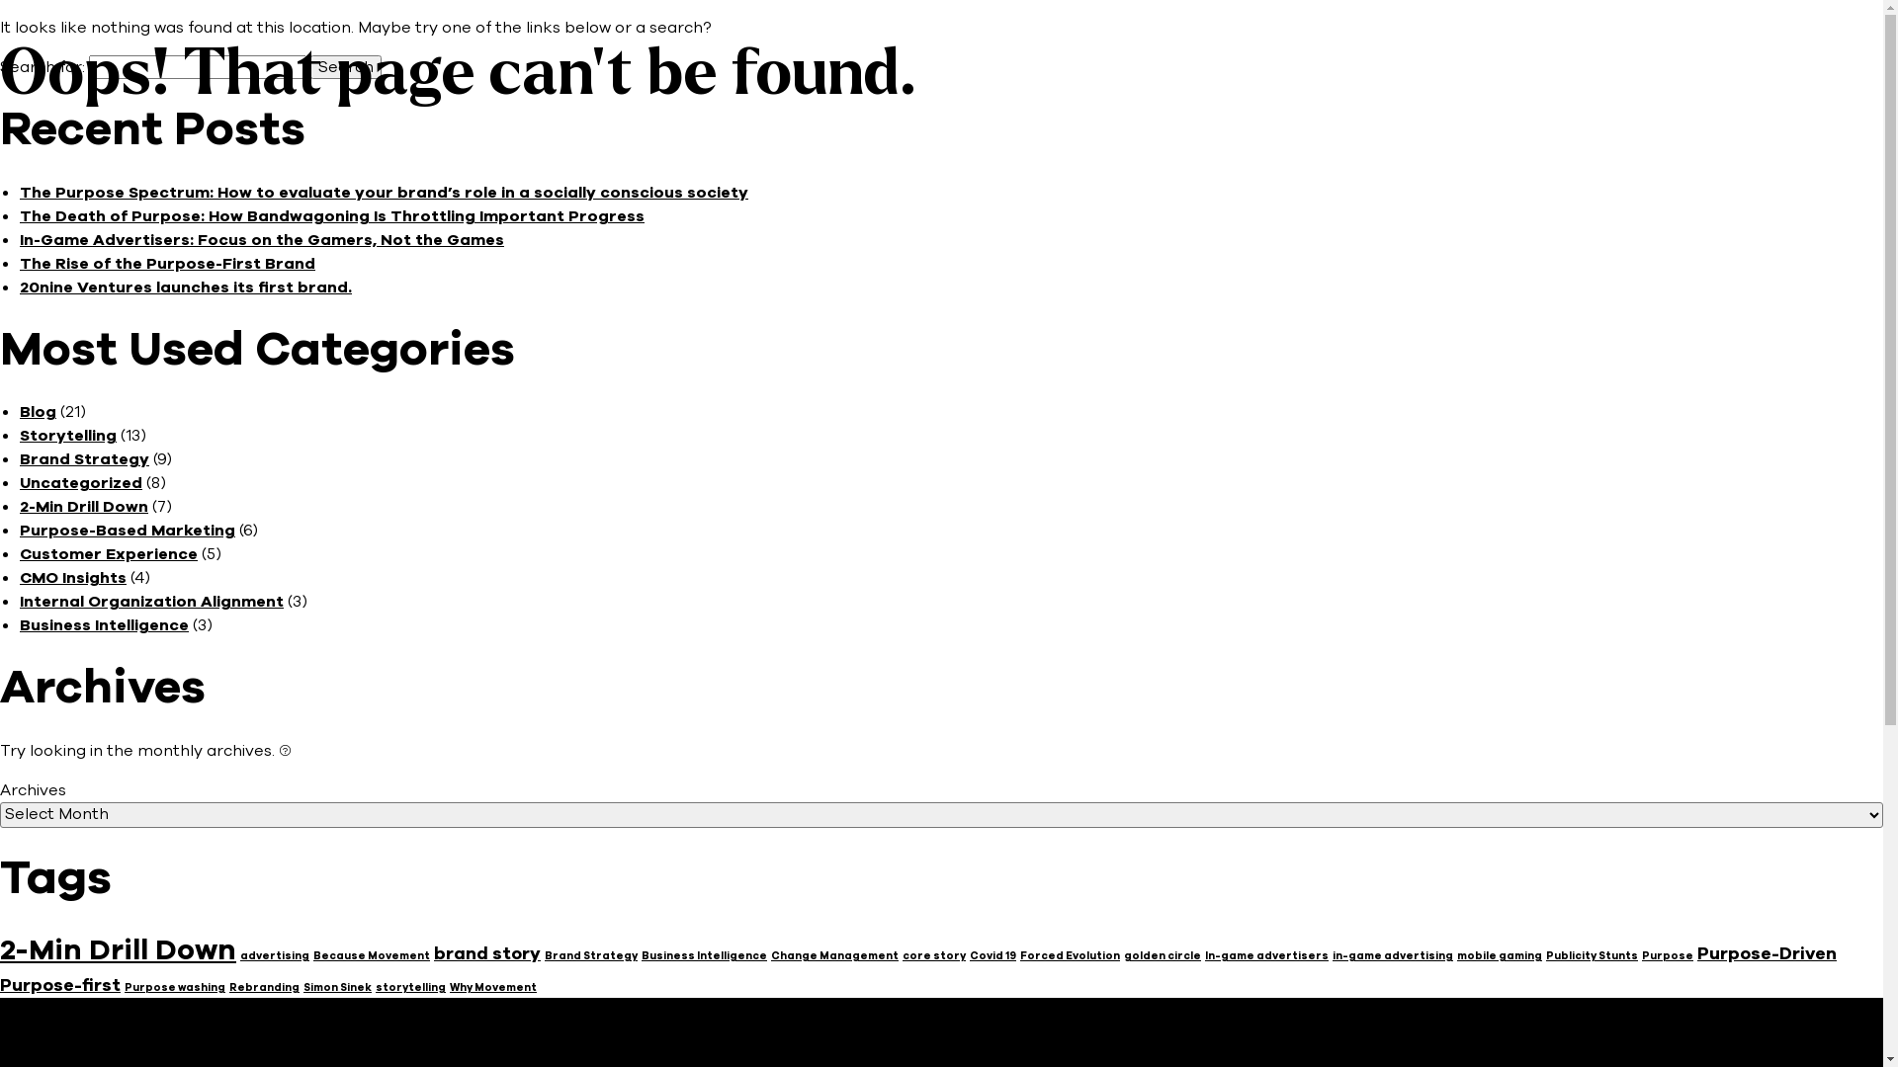  What do you see at coordinates (1767, 951) in the screenshot?
I see `'Purpose-Driven'` at bounding box center [1767, 951].